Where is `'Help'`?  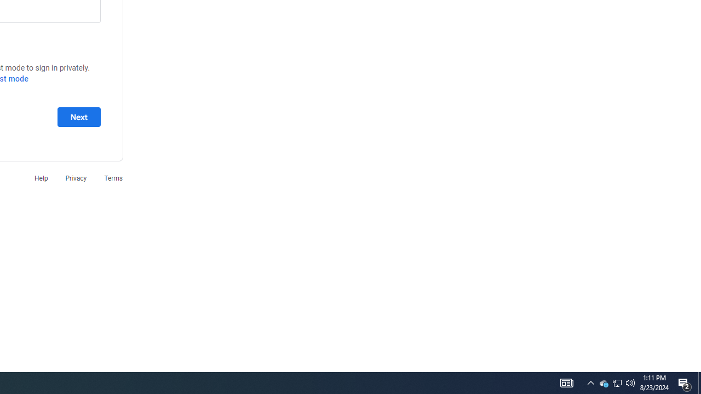 'Help' is located at coordinates (41, 177).